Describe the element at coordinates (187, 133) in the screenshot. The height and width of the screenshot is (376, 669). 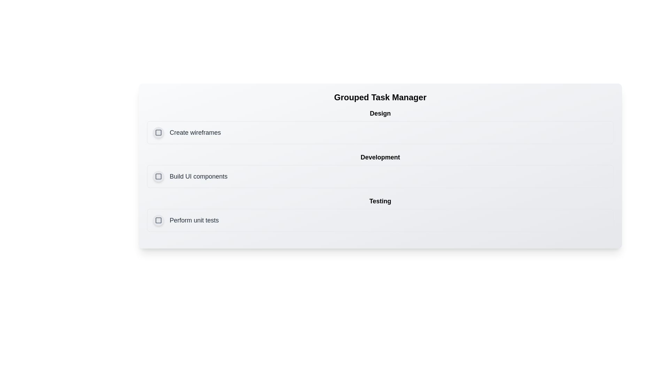
I see `the 'Create wireframes' checkbox` at that location.